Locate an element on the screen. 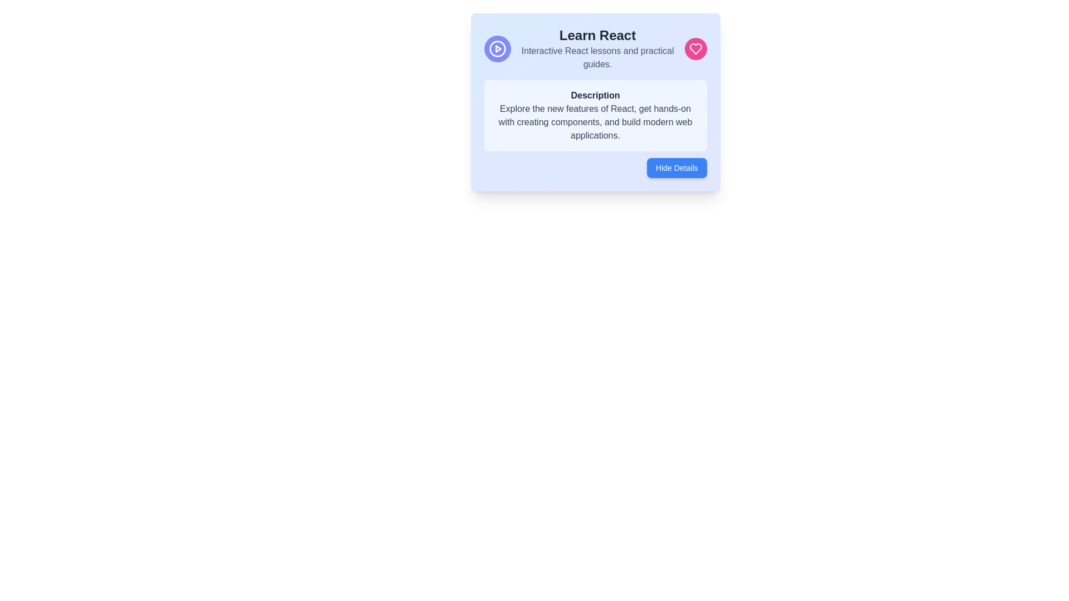 This screenshot has height=601, width=1069. the main header text of the card that serves as the title for learning React, which is positioned at the top of the card is located at coordinates (597, 35).